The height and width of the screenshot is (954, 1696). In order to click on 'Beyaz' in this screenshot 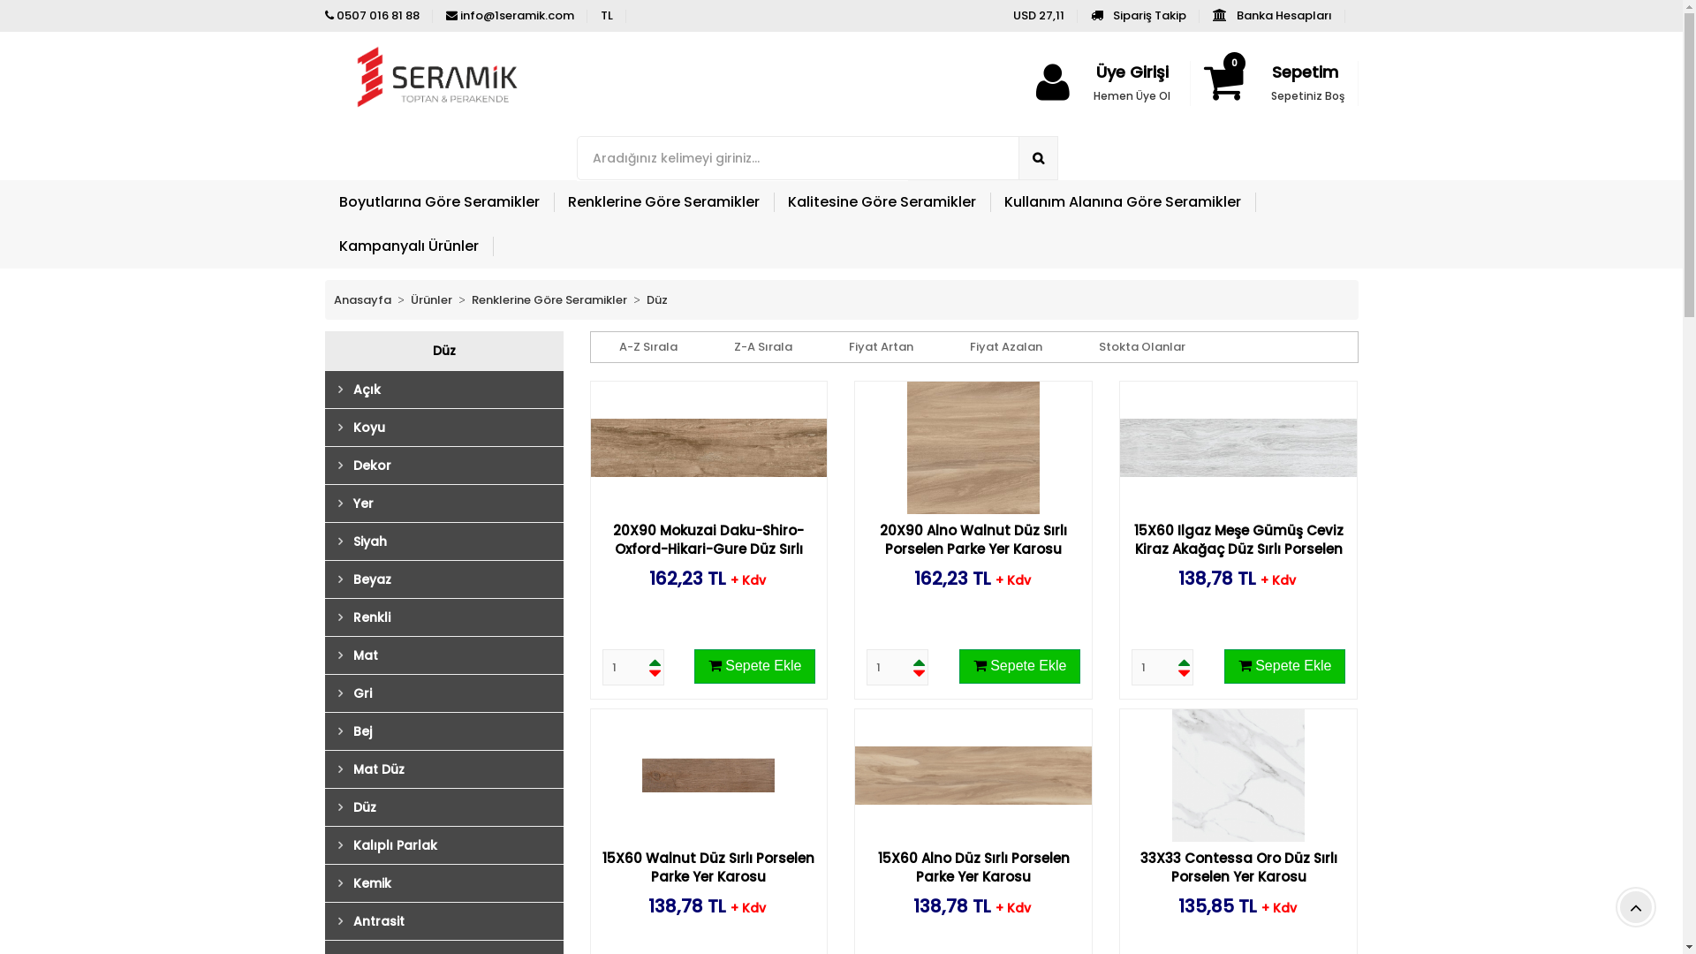, I will do `click(352, 579)`.